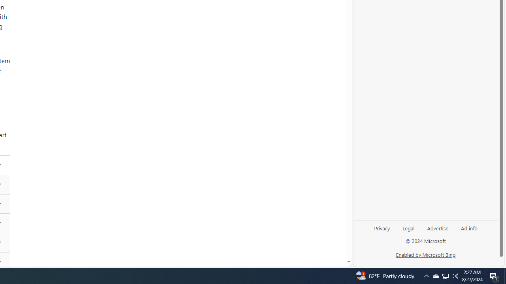 The image size is (506, 284). What do you see at coordinates (469, 231) in the screenshot?
I see `'Ad info'` at bounding box center [469, 231].